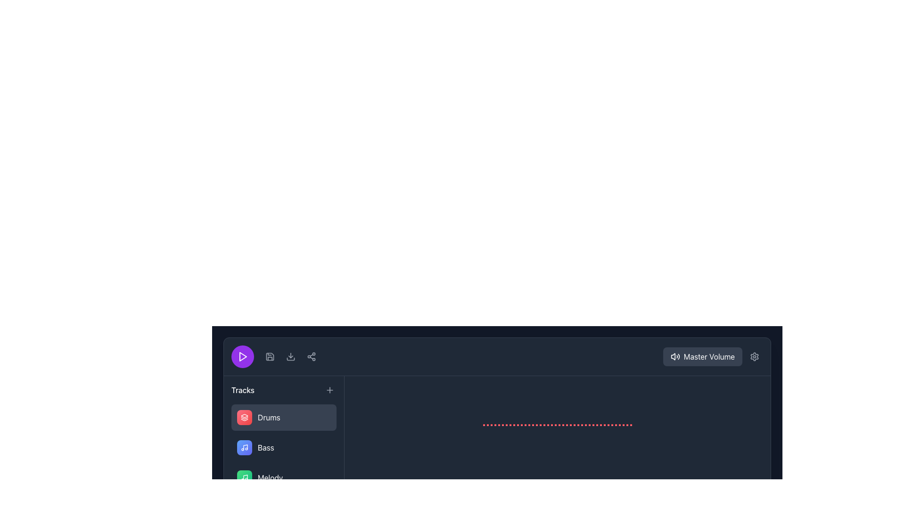 This screenshot has height=509, width=905. I want to click on the small gear-shaped icon in the top-right corner of the section, so click(755, 356).